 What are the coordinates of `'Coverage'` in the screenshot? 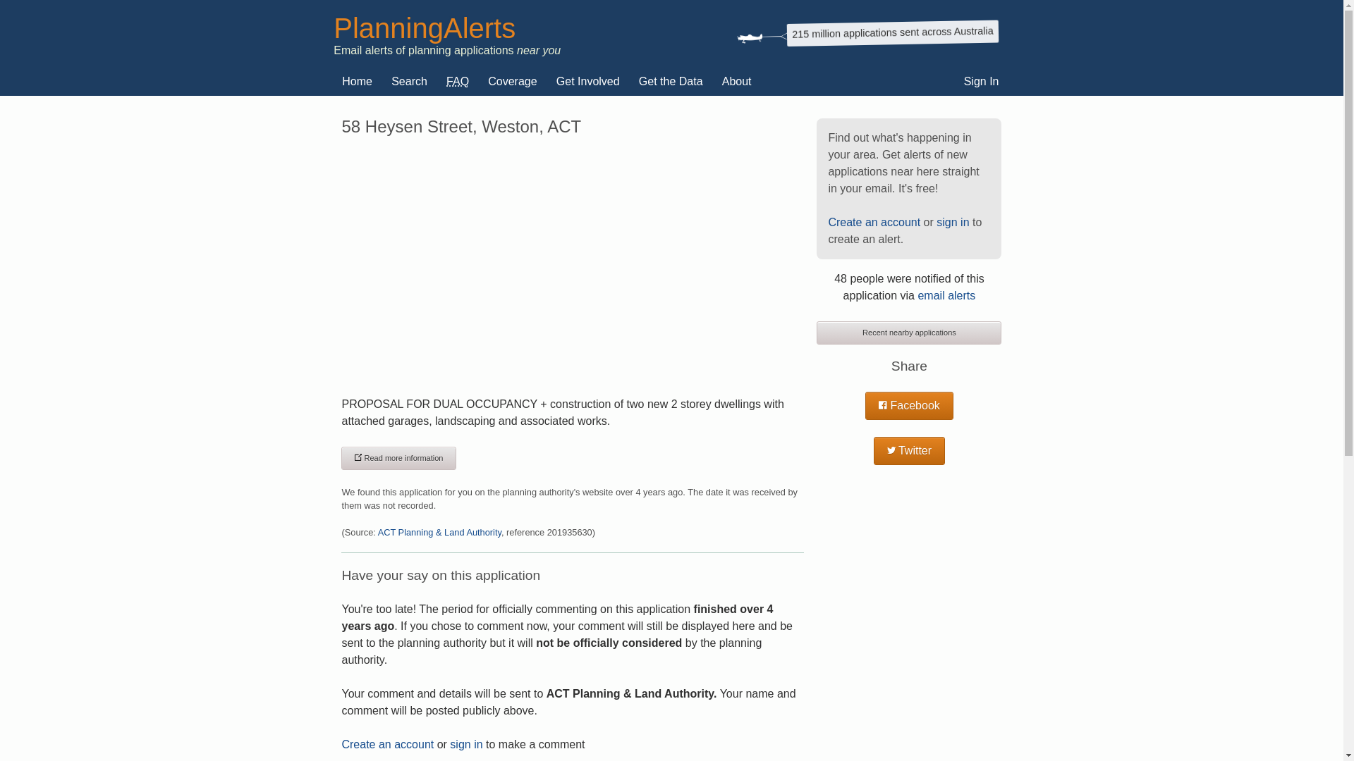 It's located at (480, 81).